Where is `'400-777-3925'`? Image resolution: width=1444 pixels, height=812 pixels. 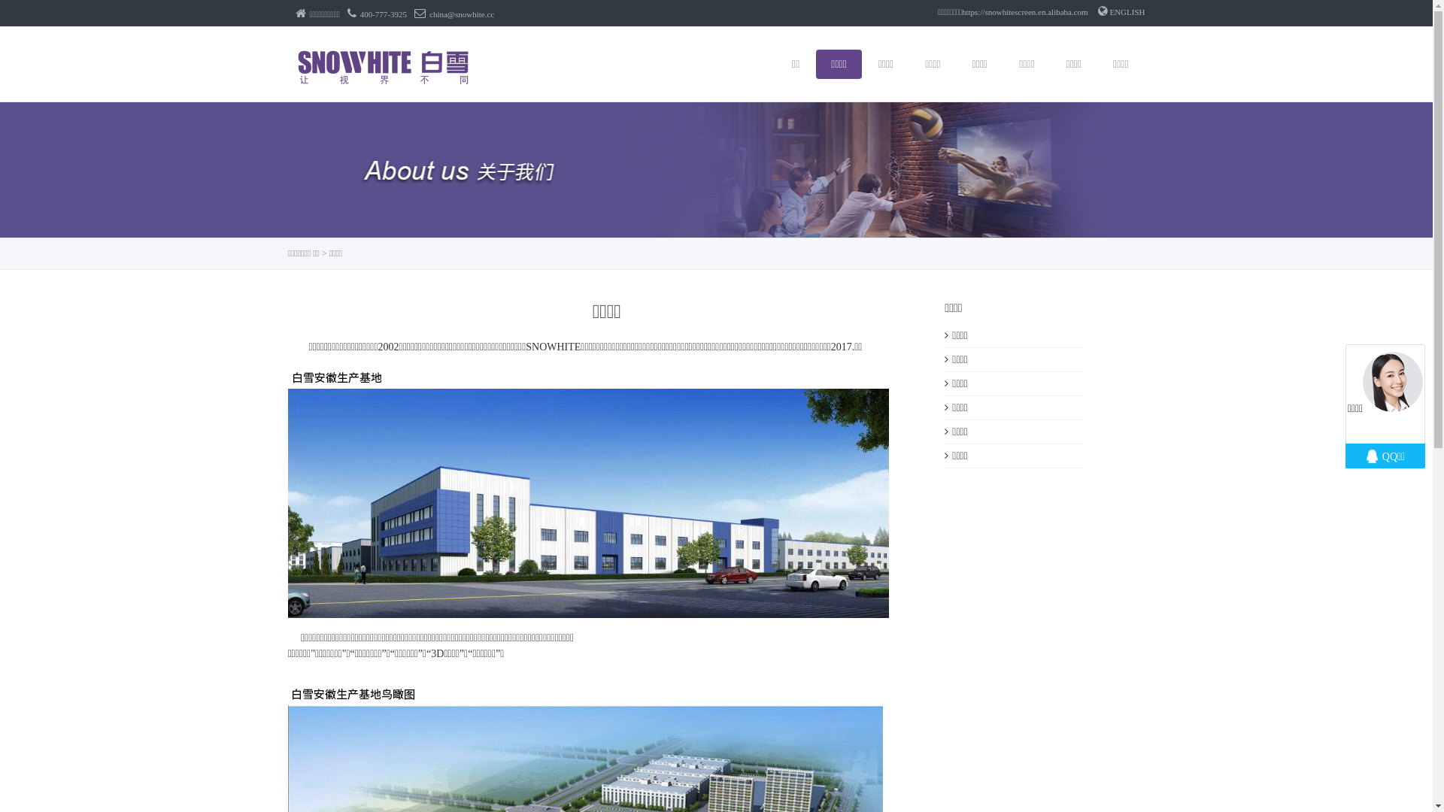
'400-777-3925' is located at coordinates (377, 14).